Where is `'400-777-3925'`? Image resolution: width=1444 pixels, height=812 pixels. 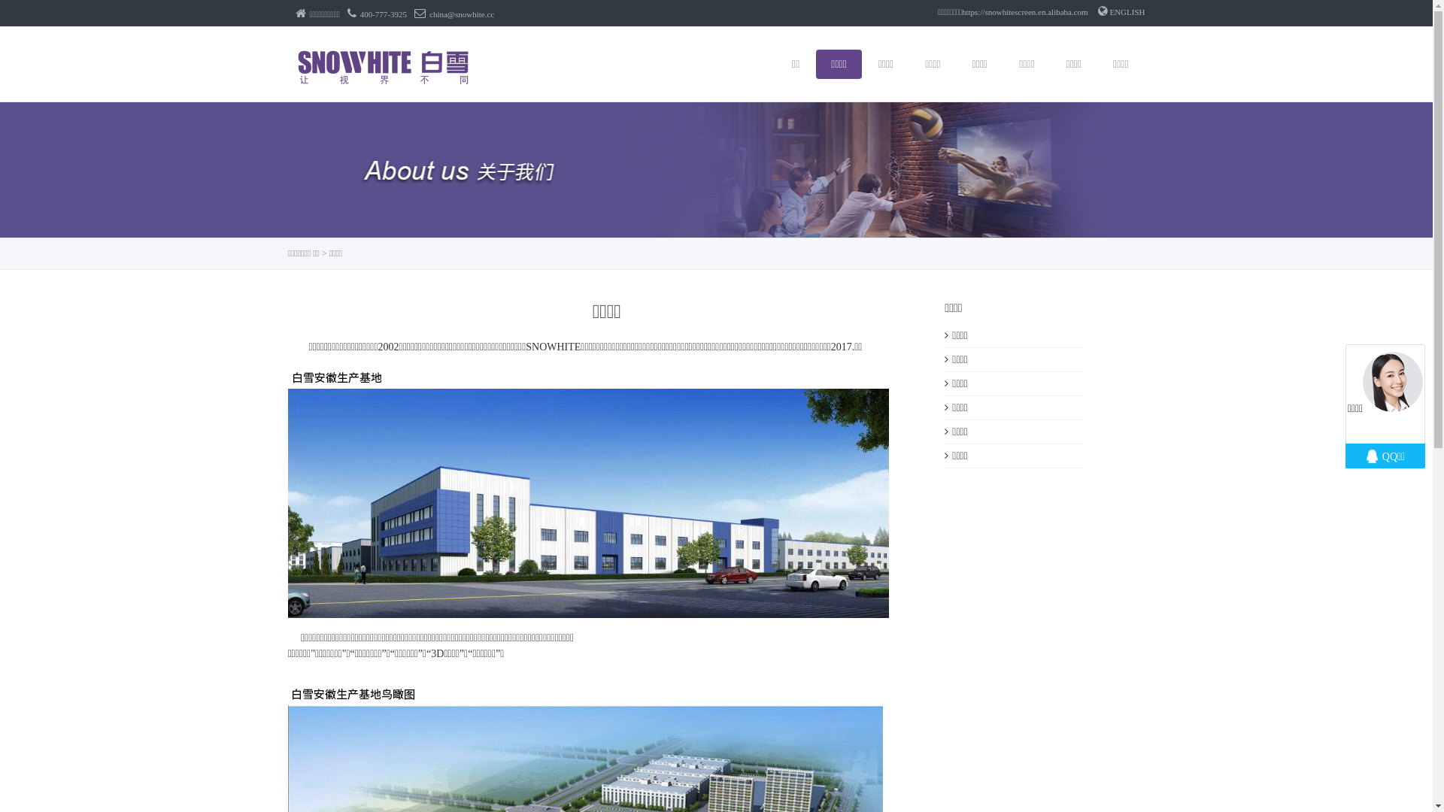
'400-777-3925' is located at coordinates (377, 14).